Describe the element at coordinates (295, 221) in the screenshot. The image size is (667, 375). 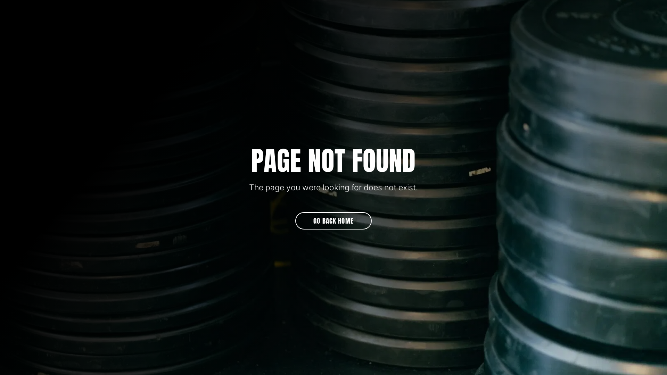
I see `'GO BACK HOME'` at that location.